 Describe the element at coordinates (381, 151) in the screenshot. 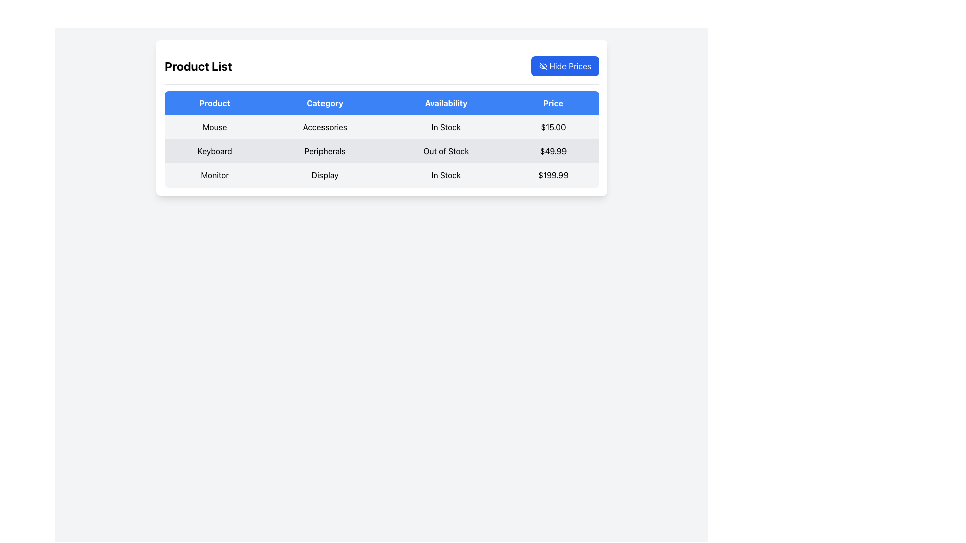

I see `the second row in the product data table that includes information about a Keyboard, such as category, stock status, and price` at that location.